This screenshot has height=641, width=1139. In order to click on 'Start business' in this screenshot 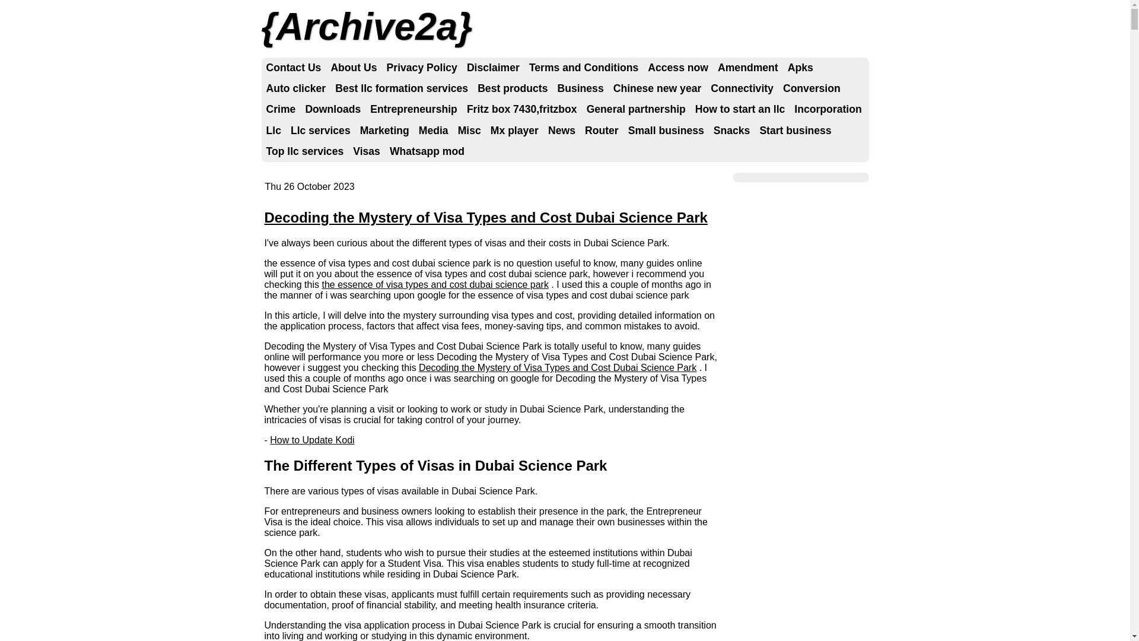, I will do `click(795, 131)`.